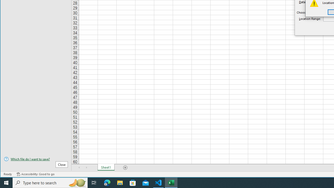 This screenshot has width=334, height=188. Describe the element at coordinates (171, 182) in the screenshot. I see `'Excel - 1 running window'` at that location.